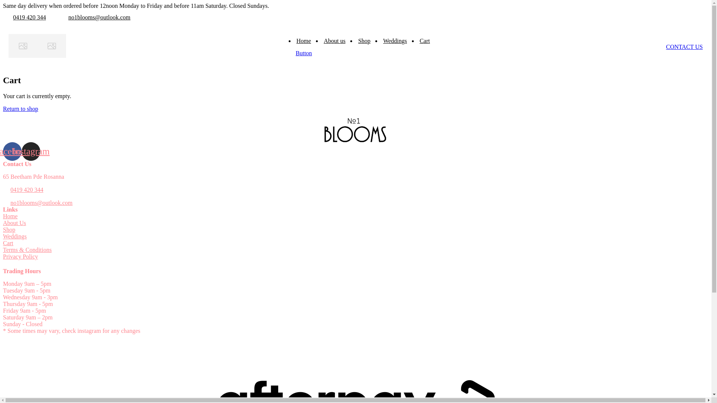 This screenshot has height=403, width=717. What do you see at coordinates (9, 229) in the screenshot?
I see `'Shop'` at bounding box center [9, 229].